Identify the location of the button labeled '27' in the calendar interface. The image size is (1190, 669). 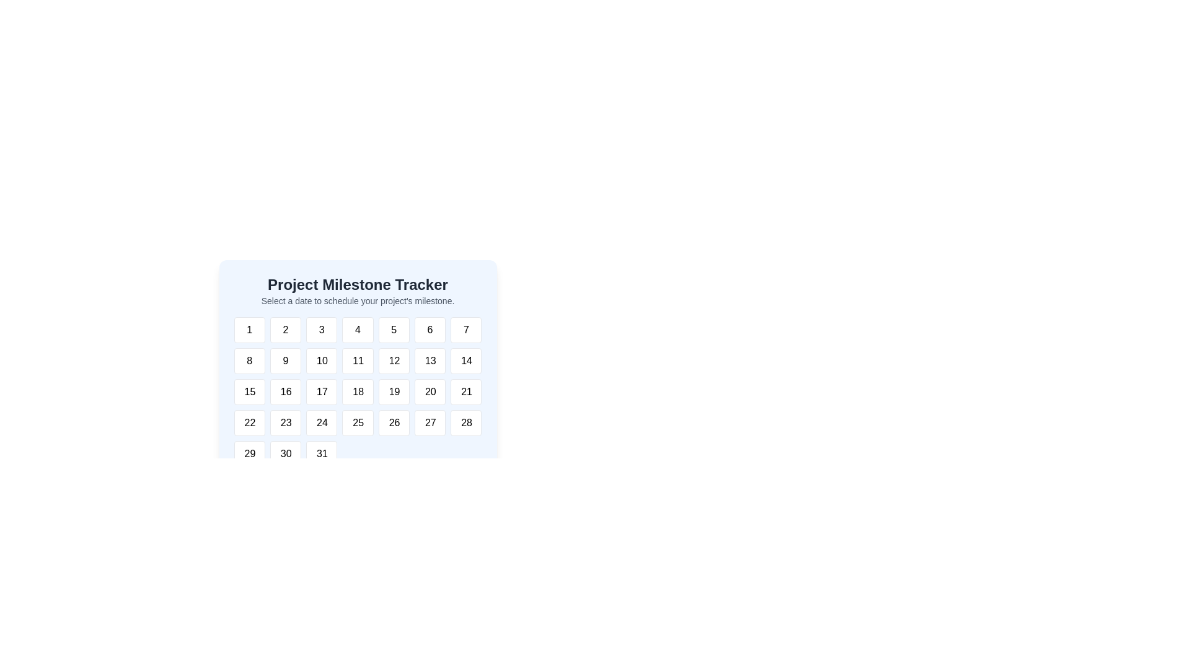
(430, 422).